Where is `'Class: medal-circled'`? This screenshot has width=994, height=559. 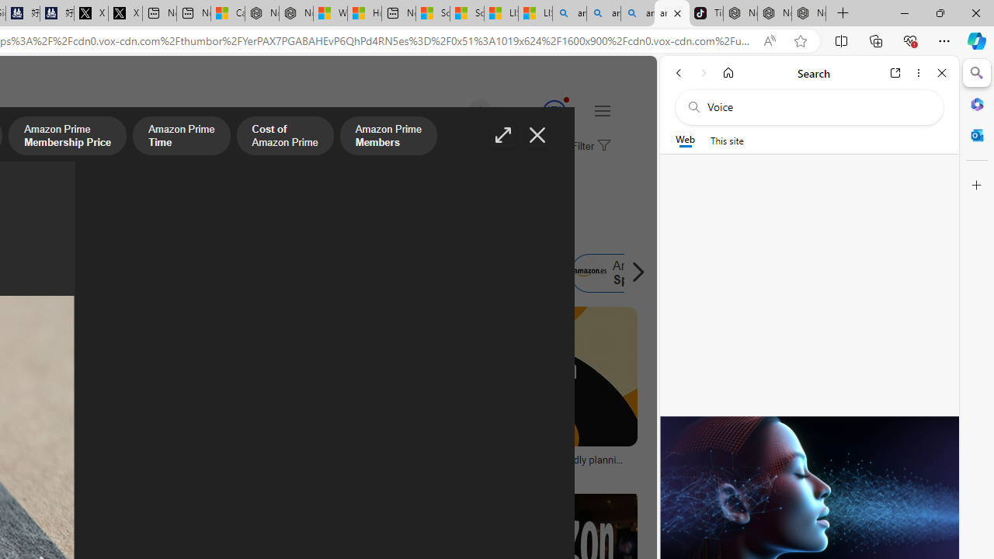
'Class: medal-circled' is located at coordinates (554, 111).